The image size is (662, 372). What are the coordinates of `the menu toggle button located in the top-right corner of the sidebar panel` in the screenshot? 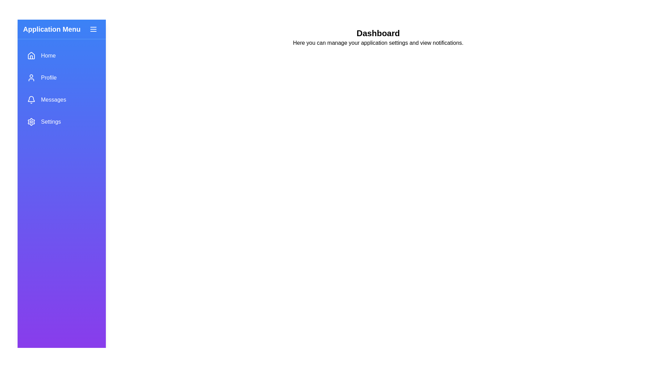 It's located at (93, 29).